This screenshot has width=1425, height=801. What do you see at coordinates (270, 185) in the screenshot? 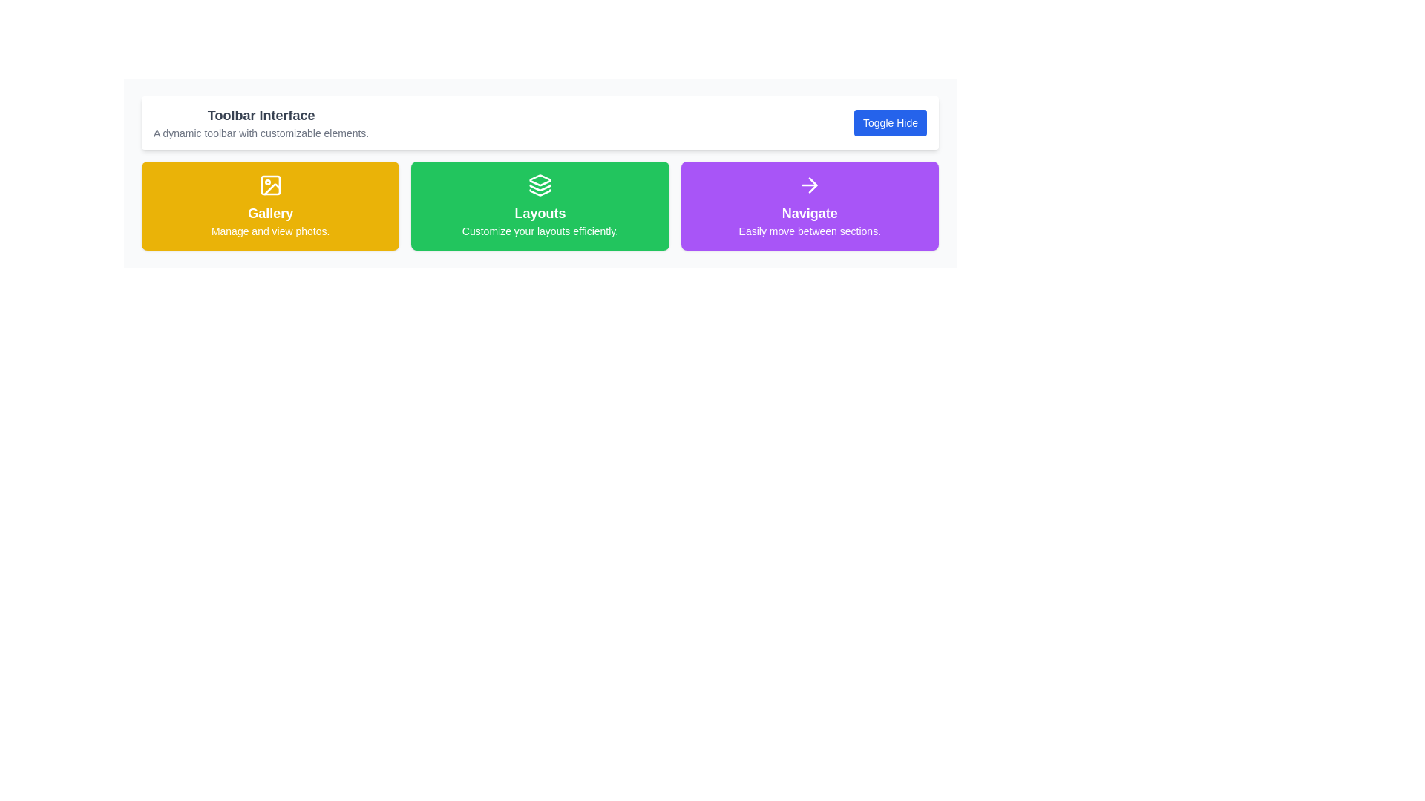
I see `the 'Gallery' icon's decorative graphical component, which is the frame of a photo or image located inside the 'Gallery' panel with a yellow background` at bounding box center [270, 185].